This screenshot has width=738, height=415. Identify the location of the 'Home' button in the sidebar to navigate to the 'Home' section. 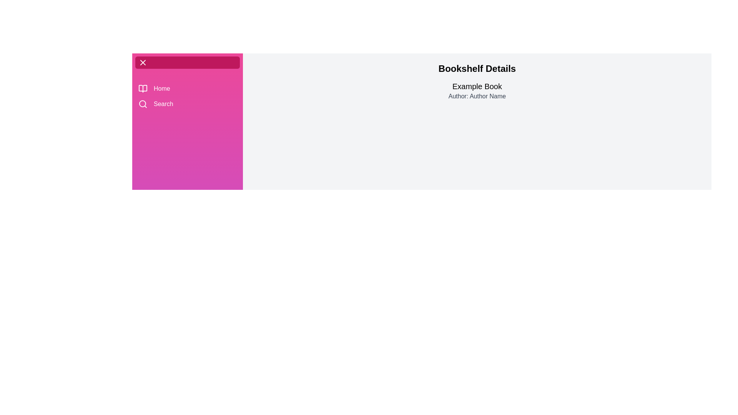
(188, 88).